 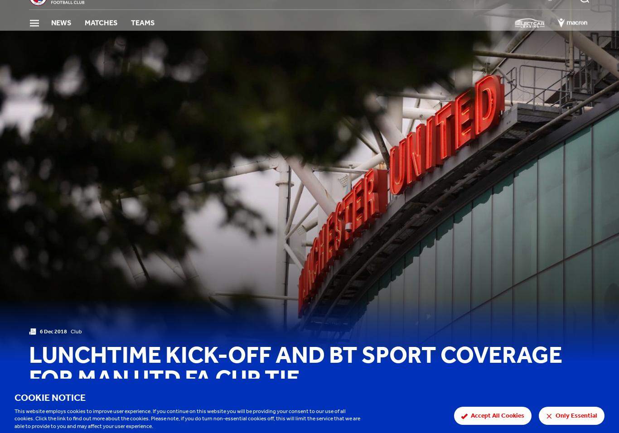 What do you see at coordinates (525, 12) in the screenshot?
I see `'Fanstore'` at bounding box center [525, 12].